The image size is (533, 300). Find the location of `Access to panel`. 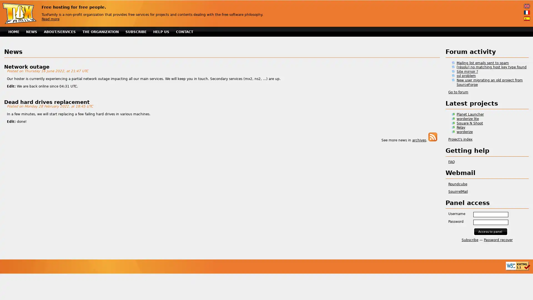

Access to panel is located at coordinates (491, 231).